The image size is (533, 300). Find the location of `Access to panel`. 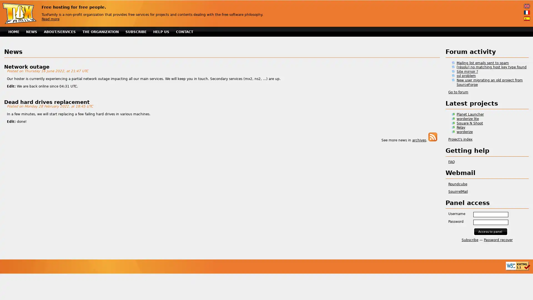

Access to panel is located at coordinates (491, 231).